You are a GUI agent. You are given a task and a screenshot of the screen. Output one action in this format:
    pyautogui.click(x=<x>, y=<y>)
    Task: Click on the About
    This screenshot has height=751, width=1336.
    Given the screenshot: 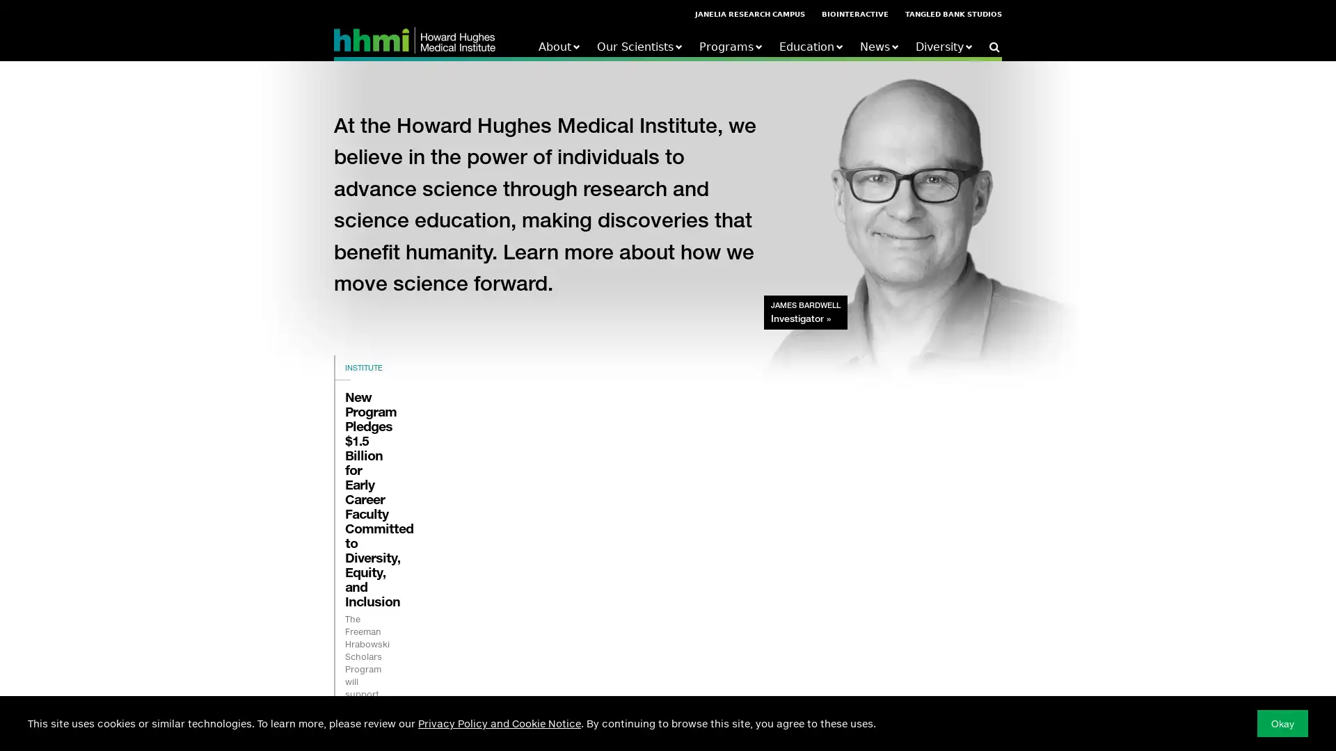 What is the action you would take?
    pyautogui.click(x=559, y=47)
    